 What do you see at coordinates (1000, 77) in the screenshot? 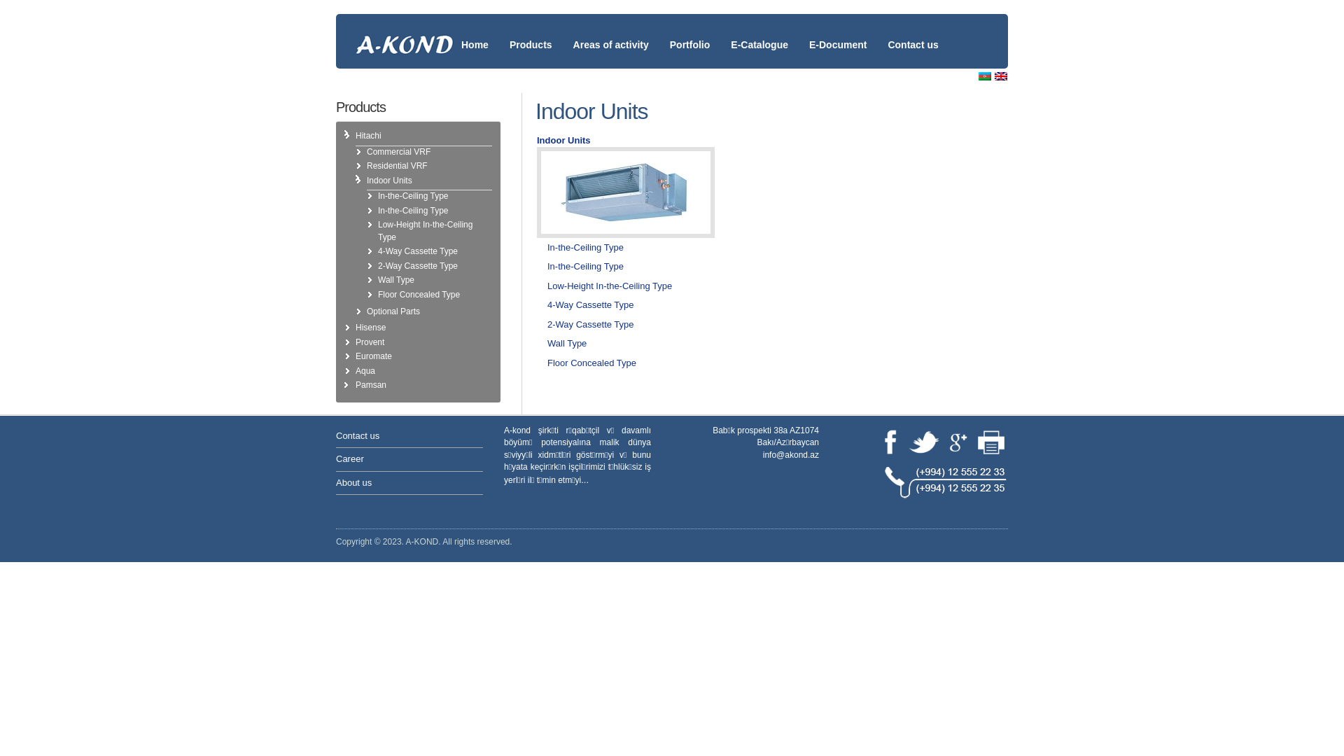
I see `'English (en)'` at bounding box center [1000, 77].